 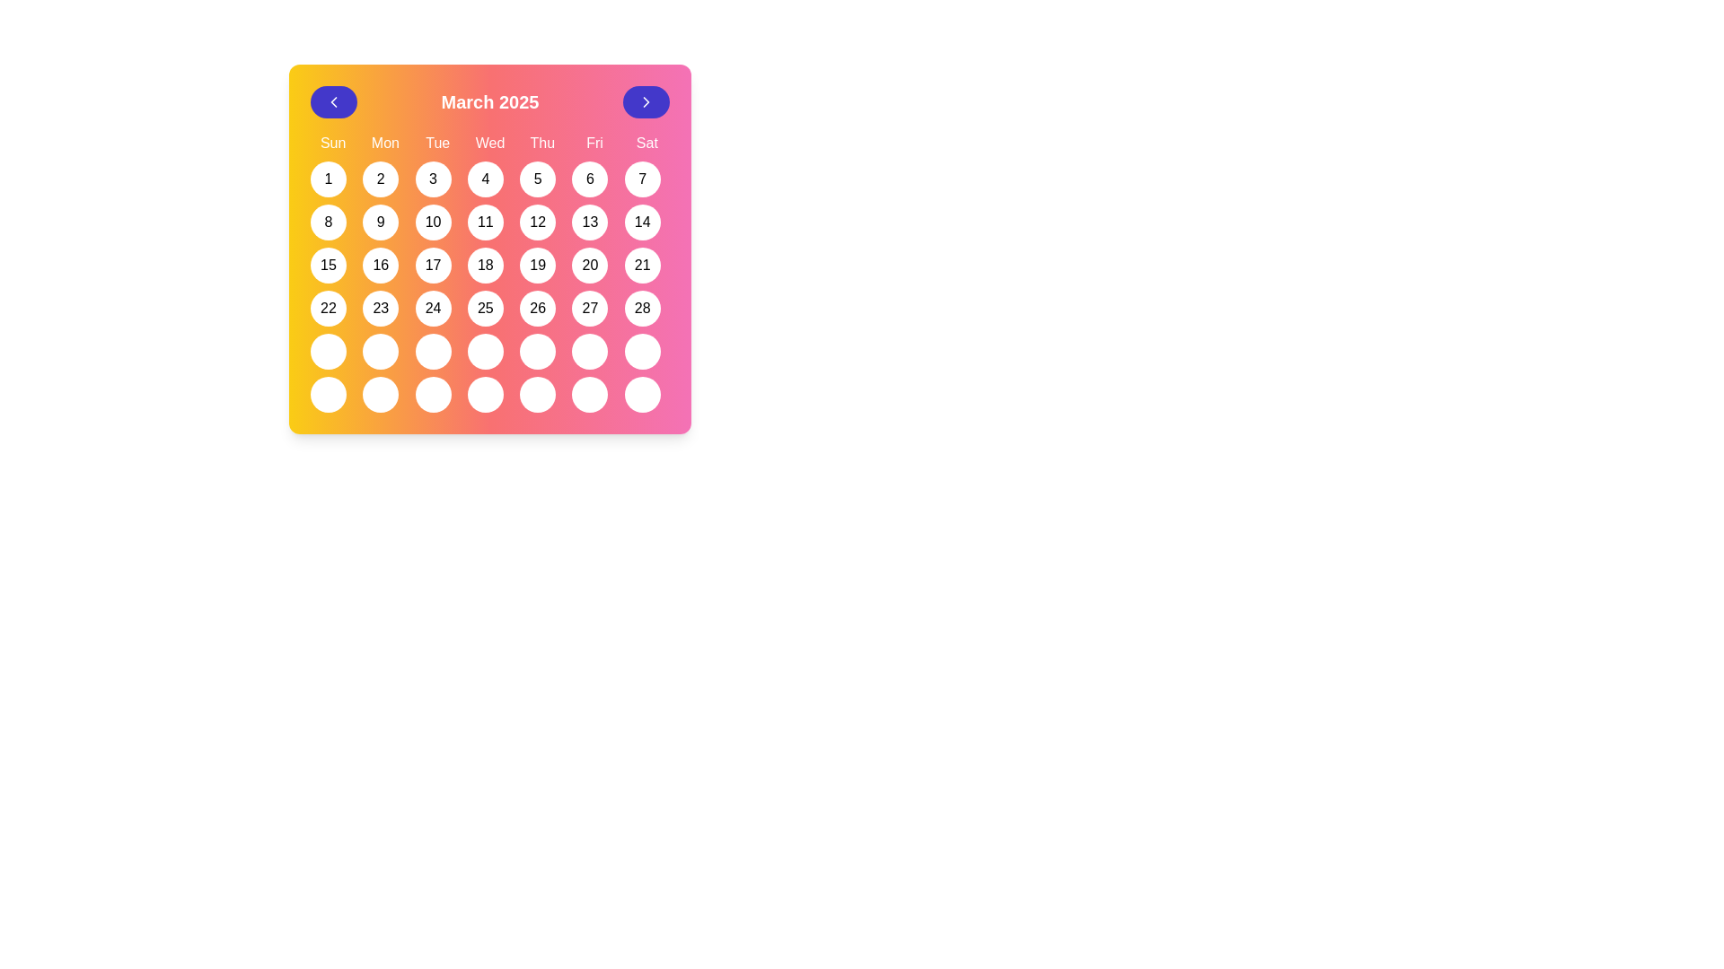 What do you see at coordinates (433, 307) in the screenshot?
I see `the button representing the 24th day of the month in the calendar interface to change its background color` at bounding box center [433, 307].